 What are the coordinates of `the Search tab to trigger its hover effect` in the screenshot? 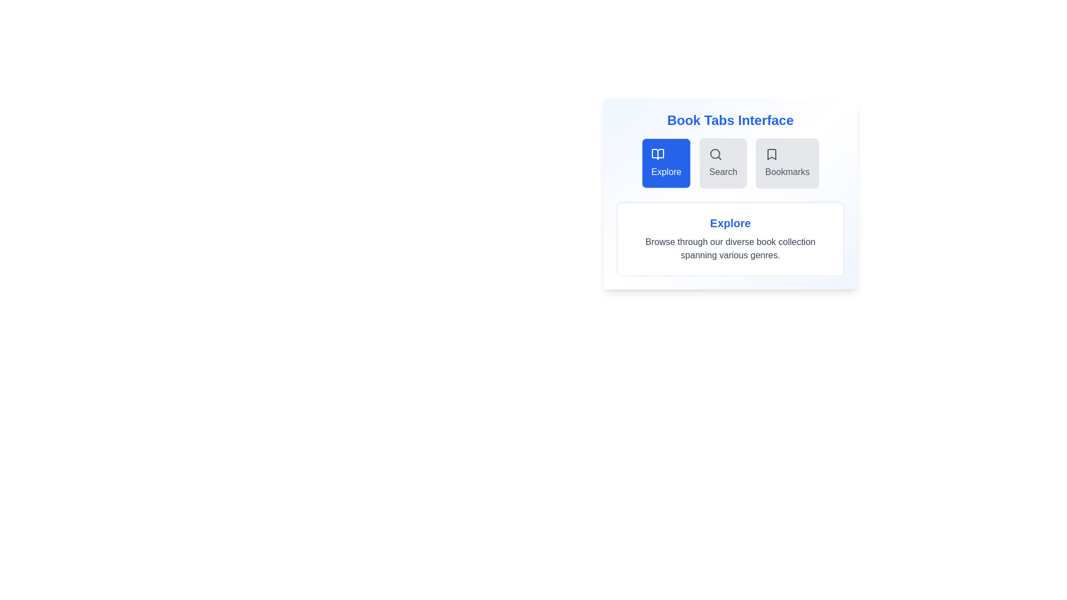 It's located at (723, 163).